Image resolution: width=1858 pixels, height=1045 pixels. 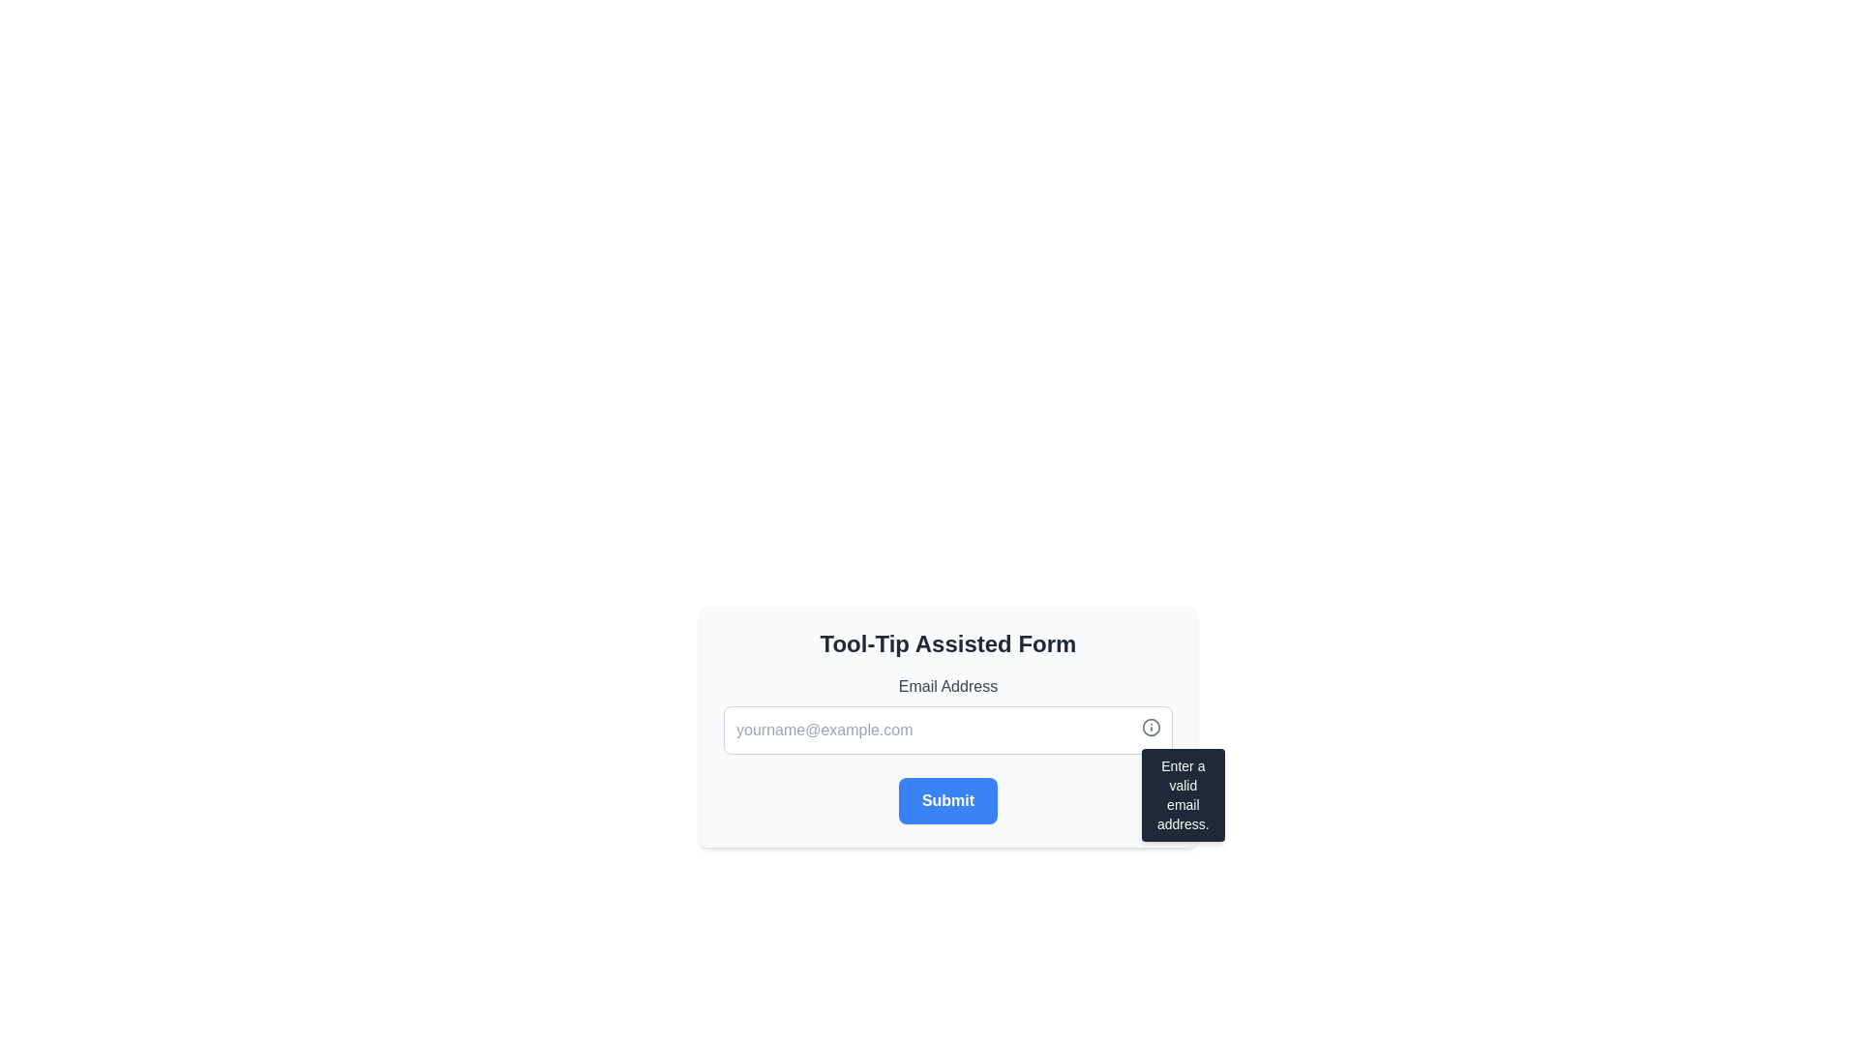 I want to click on the header element with the text 'Tool-Tip Assisted Form', which is styled with a bold gray font and positioned at the top center of the form above the 'Email Address' input field, so click(x=947, y=644).